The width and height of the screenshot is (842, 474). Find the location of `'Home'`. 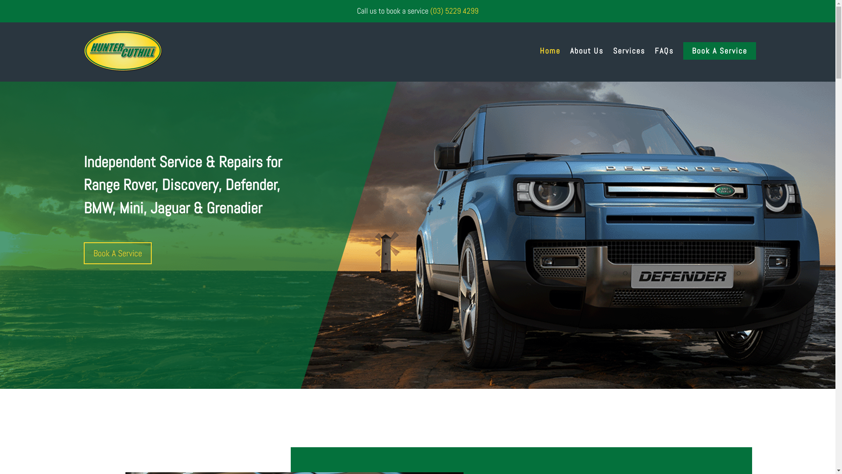

'Home' is located at coordinates (539, 50).